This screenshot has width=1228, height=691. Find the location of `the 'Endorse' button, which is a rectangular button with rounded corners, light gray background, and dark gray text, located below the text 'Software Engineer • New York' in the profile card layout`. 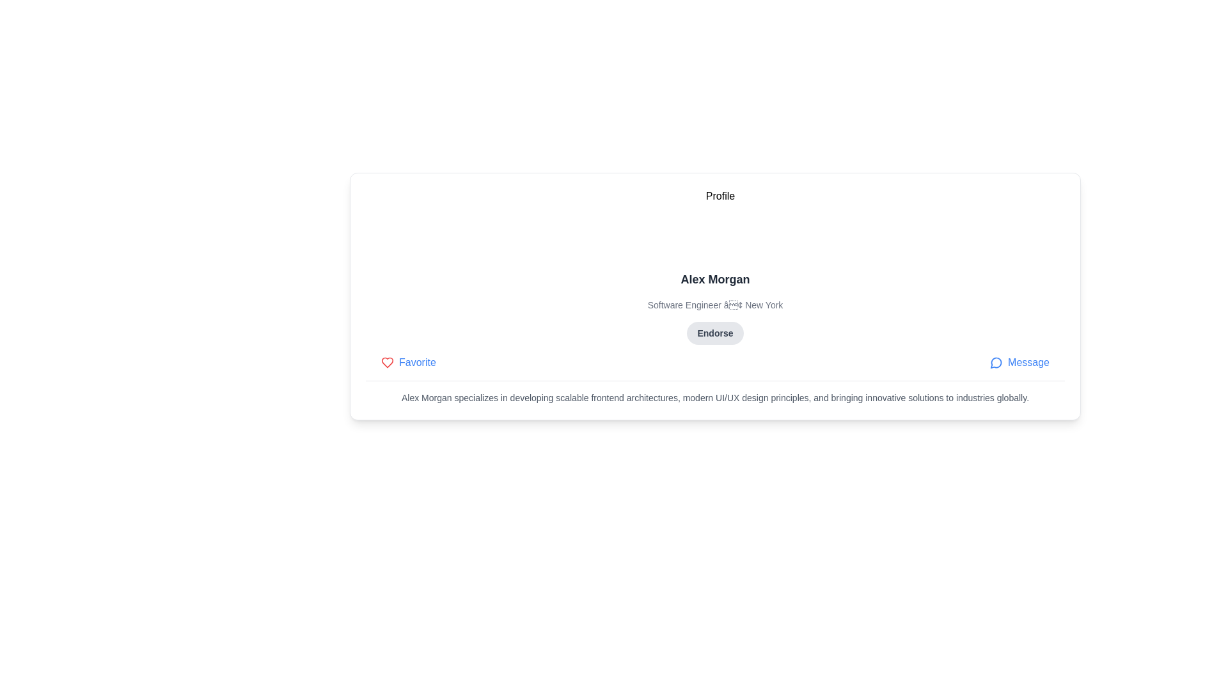

the 'Endorse' button, which is a rectangular button with rounded corners, light gray background, and dark gray text, located below the text 'Software Engineer • New York' in the profile card layout is located at coordinates (714, 332).